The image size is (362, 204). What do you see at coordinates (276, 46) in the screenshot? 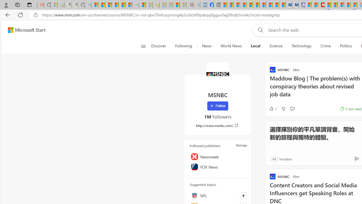
I see `'Science'` at bounding box center [276, 46].